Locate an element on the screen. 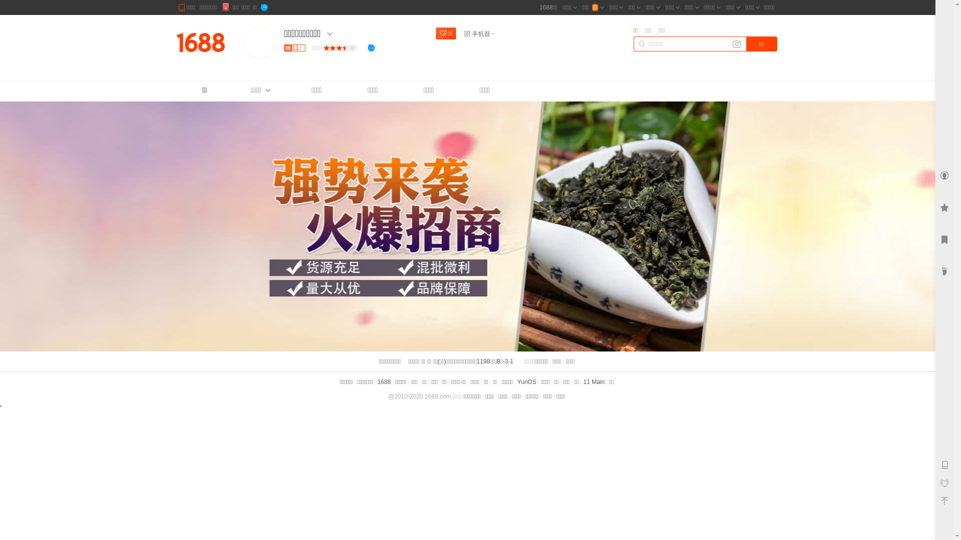  'YunOS' is located at coordinates (526, 381).